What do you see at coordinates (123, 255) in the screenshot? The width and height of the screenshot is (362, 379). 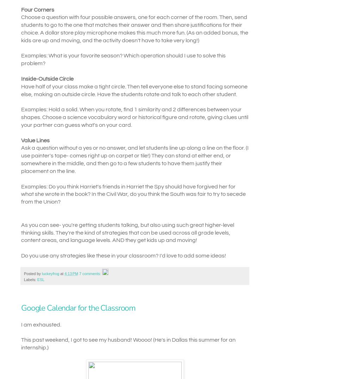 I see `'Do you use any strategies like these in your classroom? I'd love to add some ideas!'` at bounding box center [123, 255].